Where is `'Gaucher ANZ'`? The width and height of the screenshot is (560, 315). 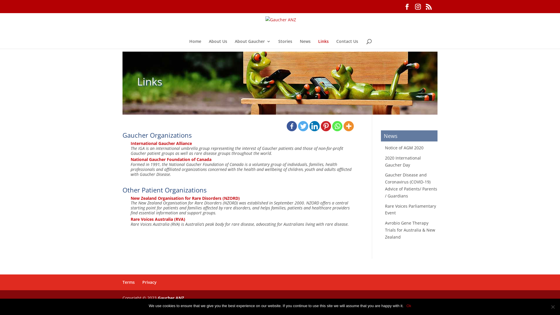 'Gaucher ANZ' is located at coordinates (170, 298).